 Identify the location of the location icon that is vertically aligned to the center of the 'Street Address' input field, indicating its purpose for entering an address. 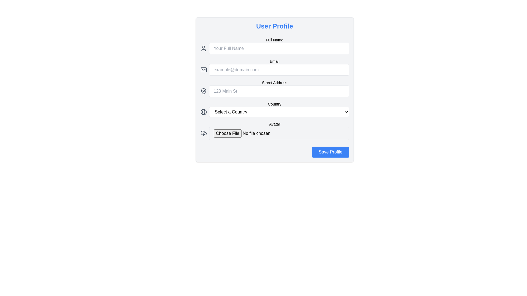
(203, 91).